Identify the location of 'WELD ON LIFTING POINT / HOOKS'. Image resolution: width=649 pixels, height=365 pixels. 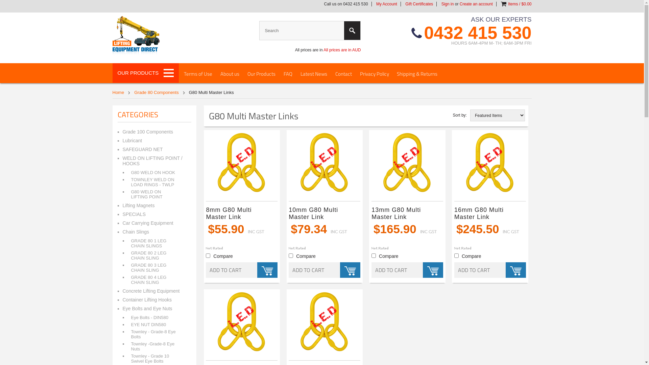
(153, 161).